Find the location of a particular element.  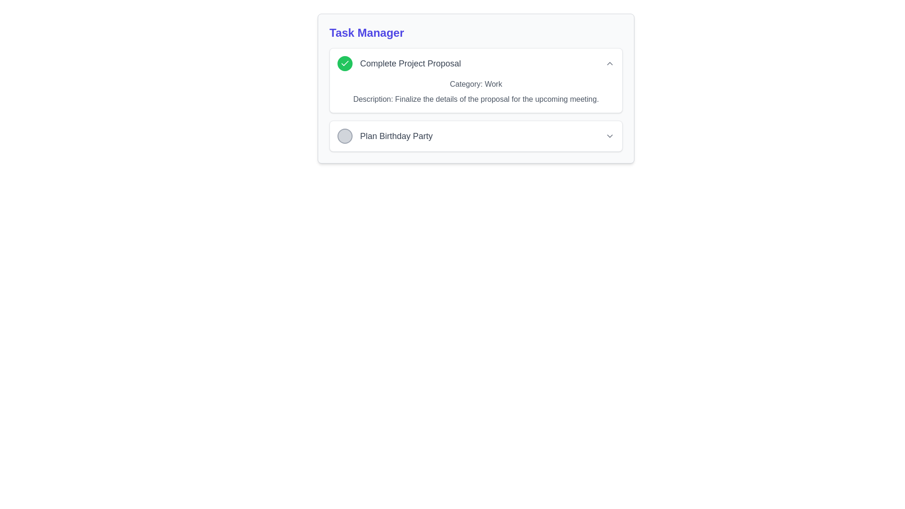

the Dropdown icon located to the right of the 'Plan Birthday Party' text to change its color from gray to indigo is located at coordinates (610, 136).